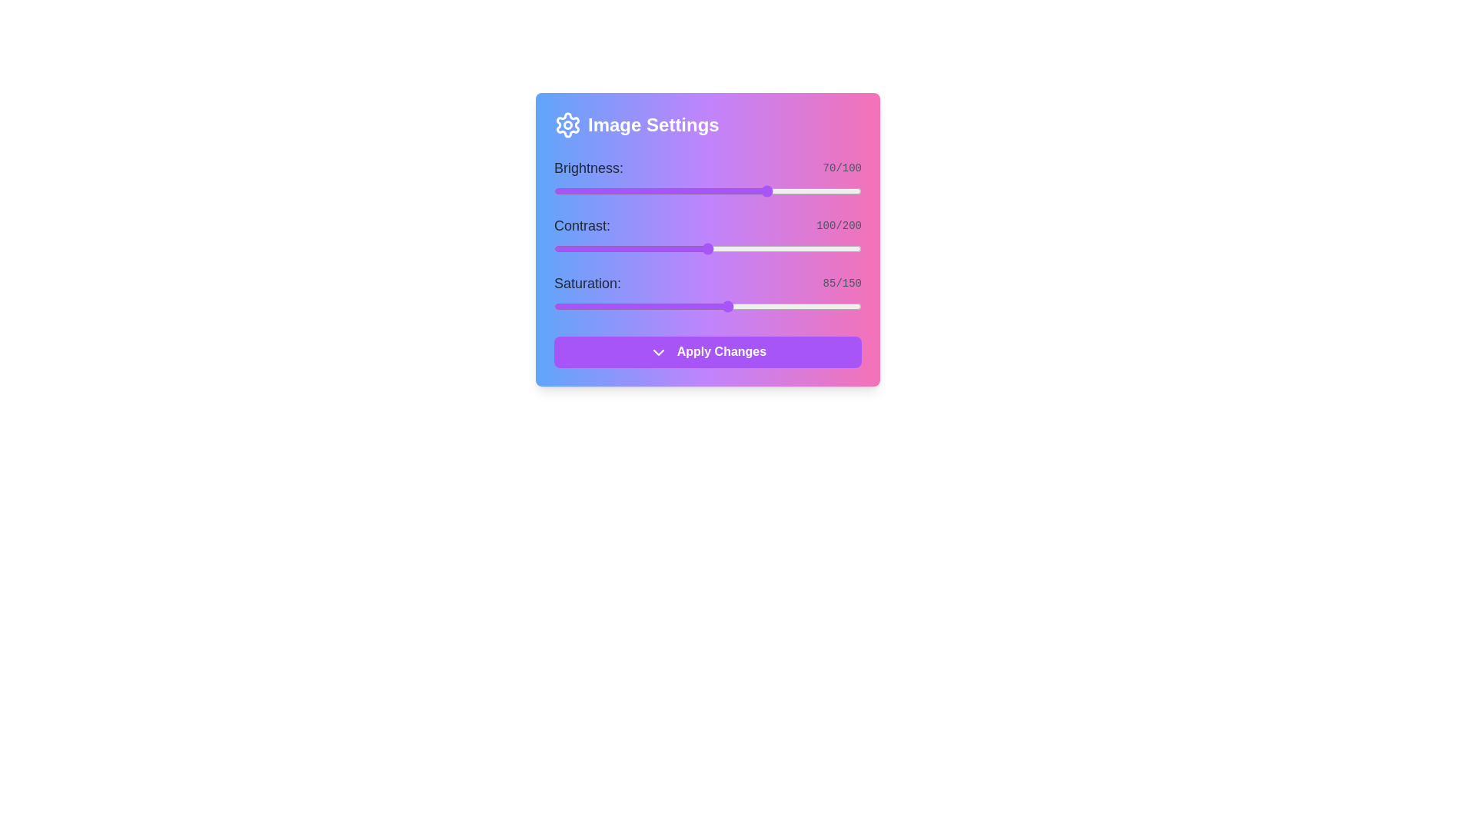 This screenshot has height=830, width=1476. Describe the element at coordinates (853, 306) in the screenshot. I see `the saturation slider to 146 level` at that location.